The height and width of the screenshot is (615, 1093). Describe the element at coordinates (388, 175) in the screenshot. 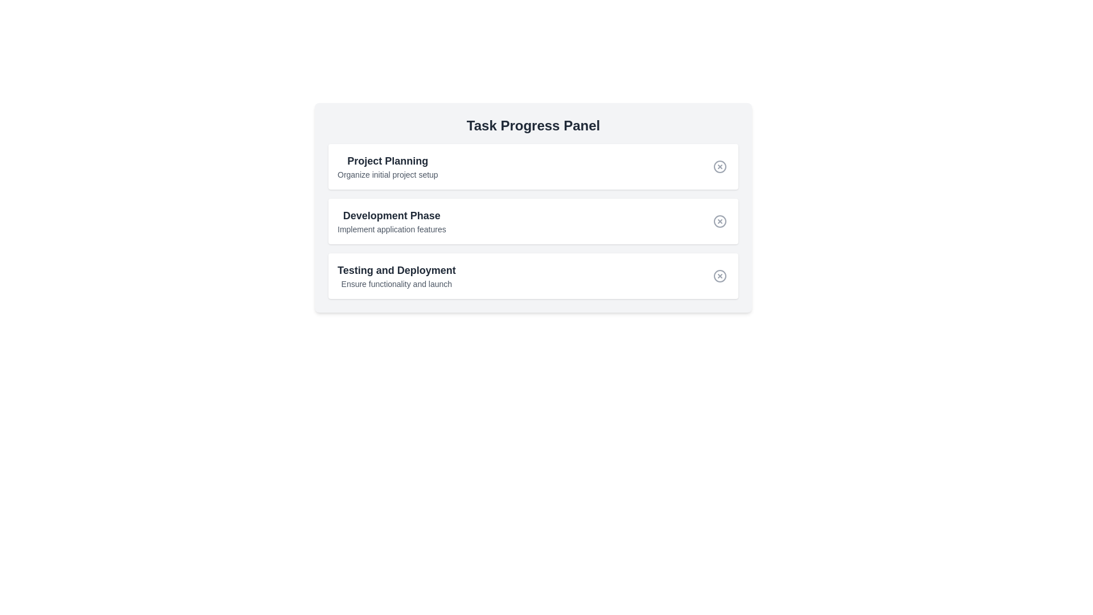

I see `the text label that provides additional details for the 'Project Planning' task, located directly below the 'Project Planning' title` at that location.